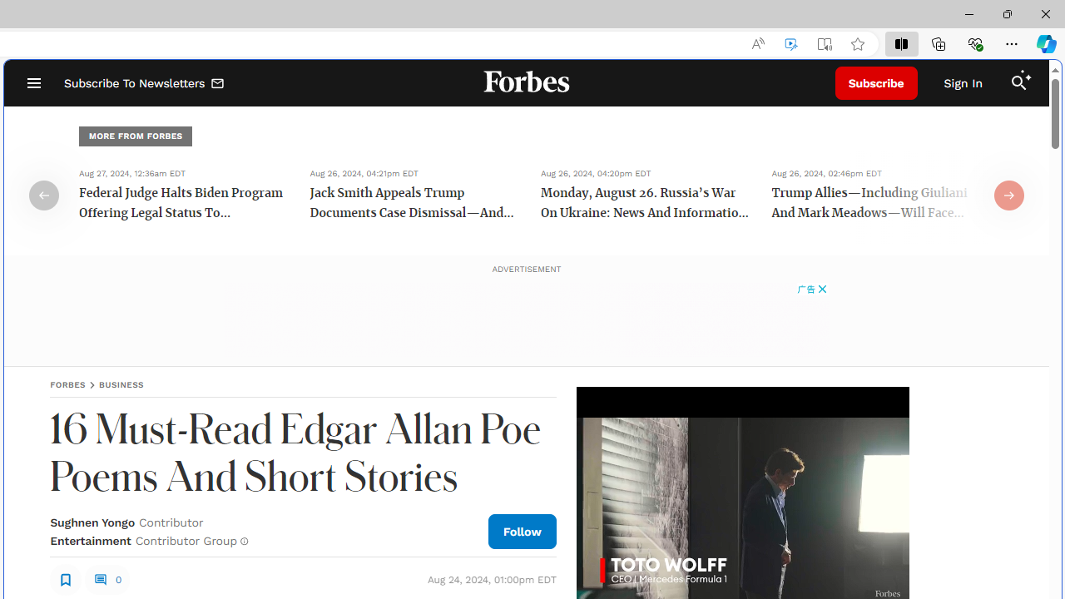 Image resolution: width=1065 pixels, height=599 pixels. What do you see at coordinates (106, 578) in the screenshot?
I see `'0'` at bounding box center [106, 578].